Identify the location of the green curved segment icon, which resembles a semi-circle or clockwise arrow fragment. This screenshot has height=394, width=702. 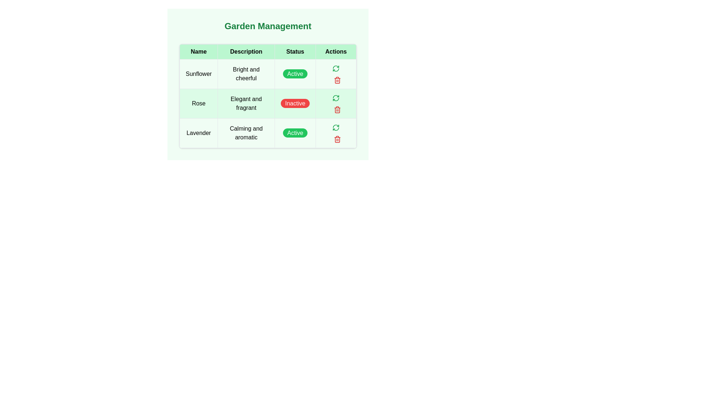
(336, 70).